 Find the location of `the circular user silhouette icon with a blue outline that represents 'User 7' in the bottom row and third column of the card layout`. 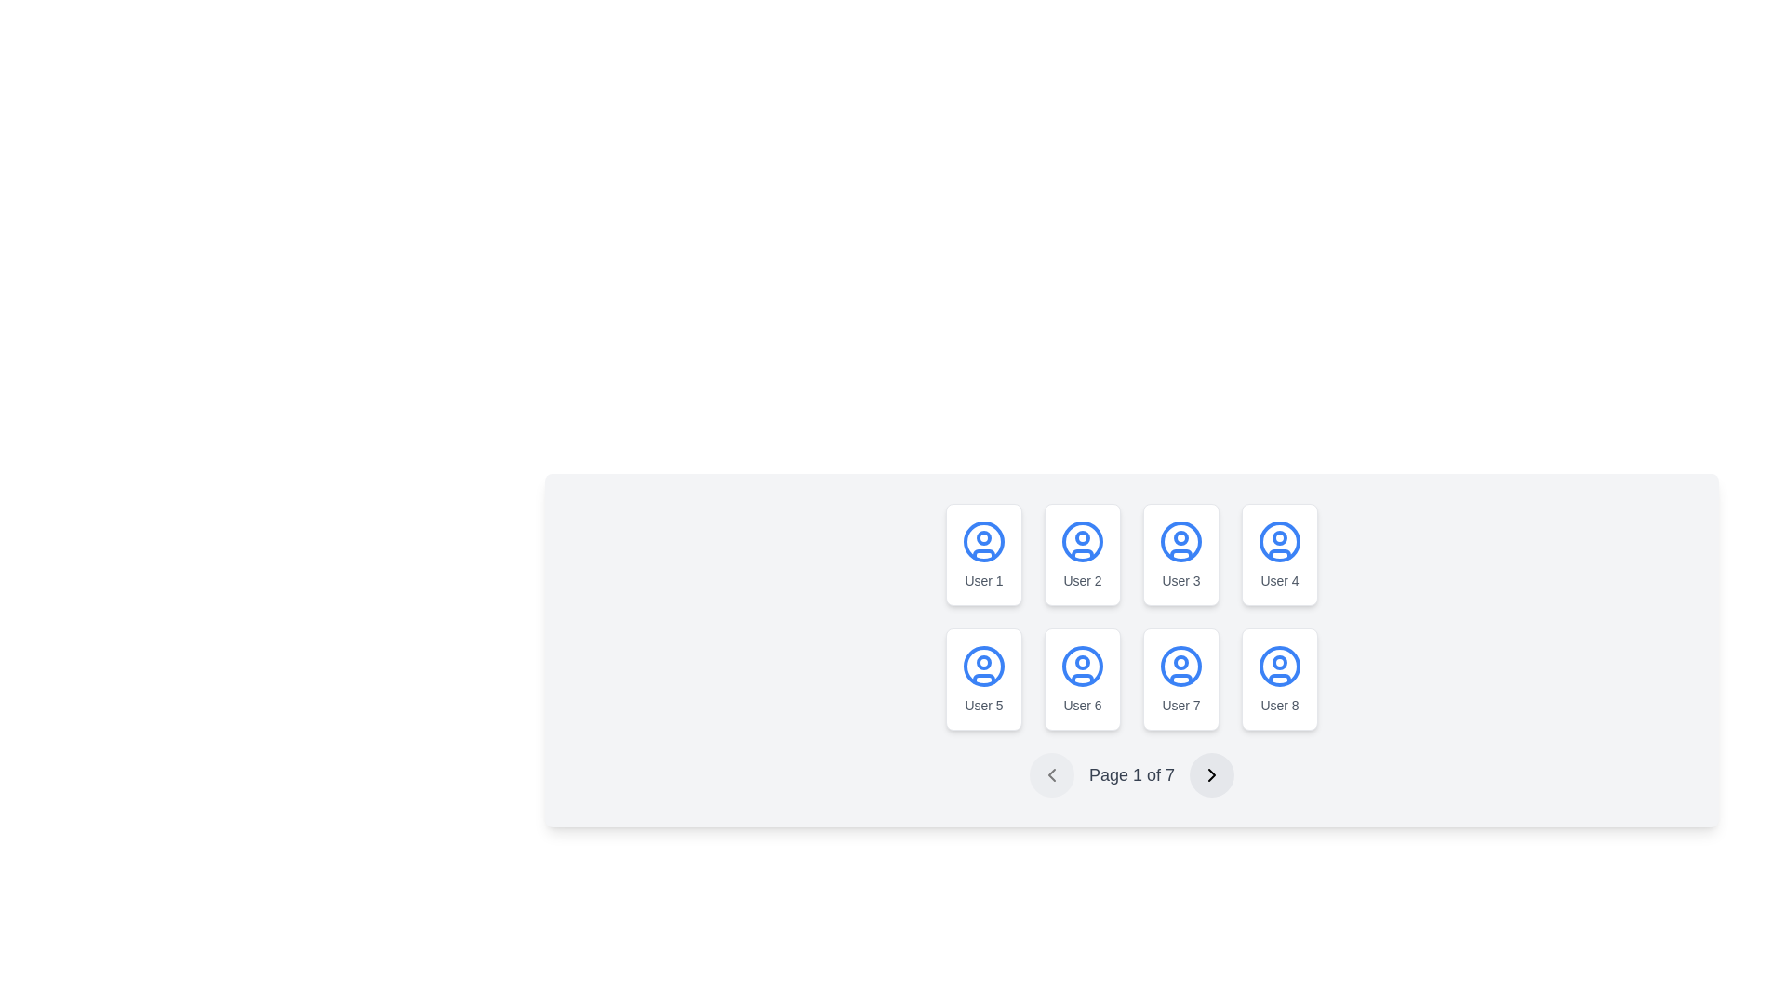

the circular user silhouette icon with a blue outline that represents 'User 7' in the bottom row and third column of the card layout is located at coordinates (1180, 666).